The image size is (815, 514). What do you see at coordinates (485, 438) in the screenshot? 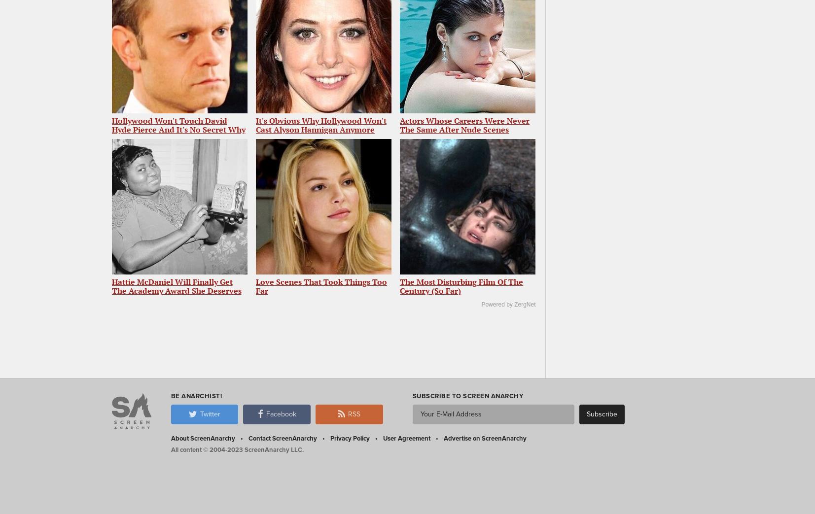
I see `'Advertise on ScreenAnarchy'` at bounding box center [485, 438].